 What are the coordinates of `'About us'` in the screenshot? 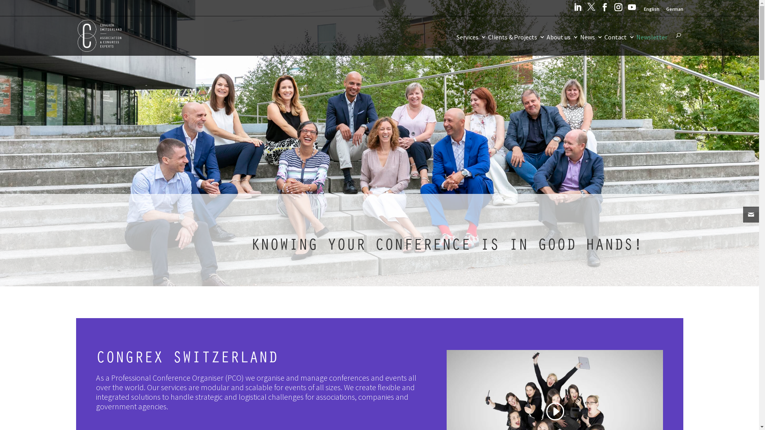 It's located at (562, 45).